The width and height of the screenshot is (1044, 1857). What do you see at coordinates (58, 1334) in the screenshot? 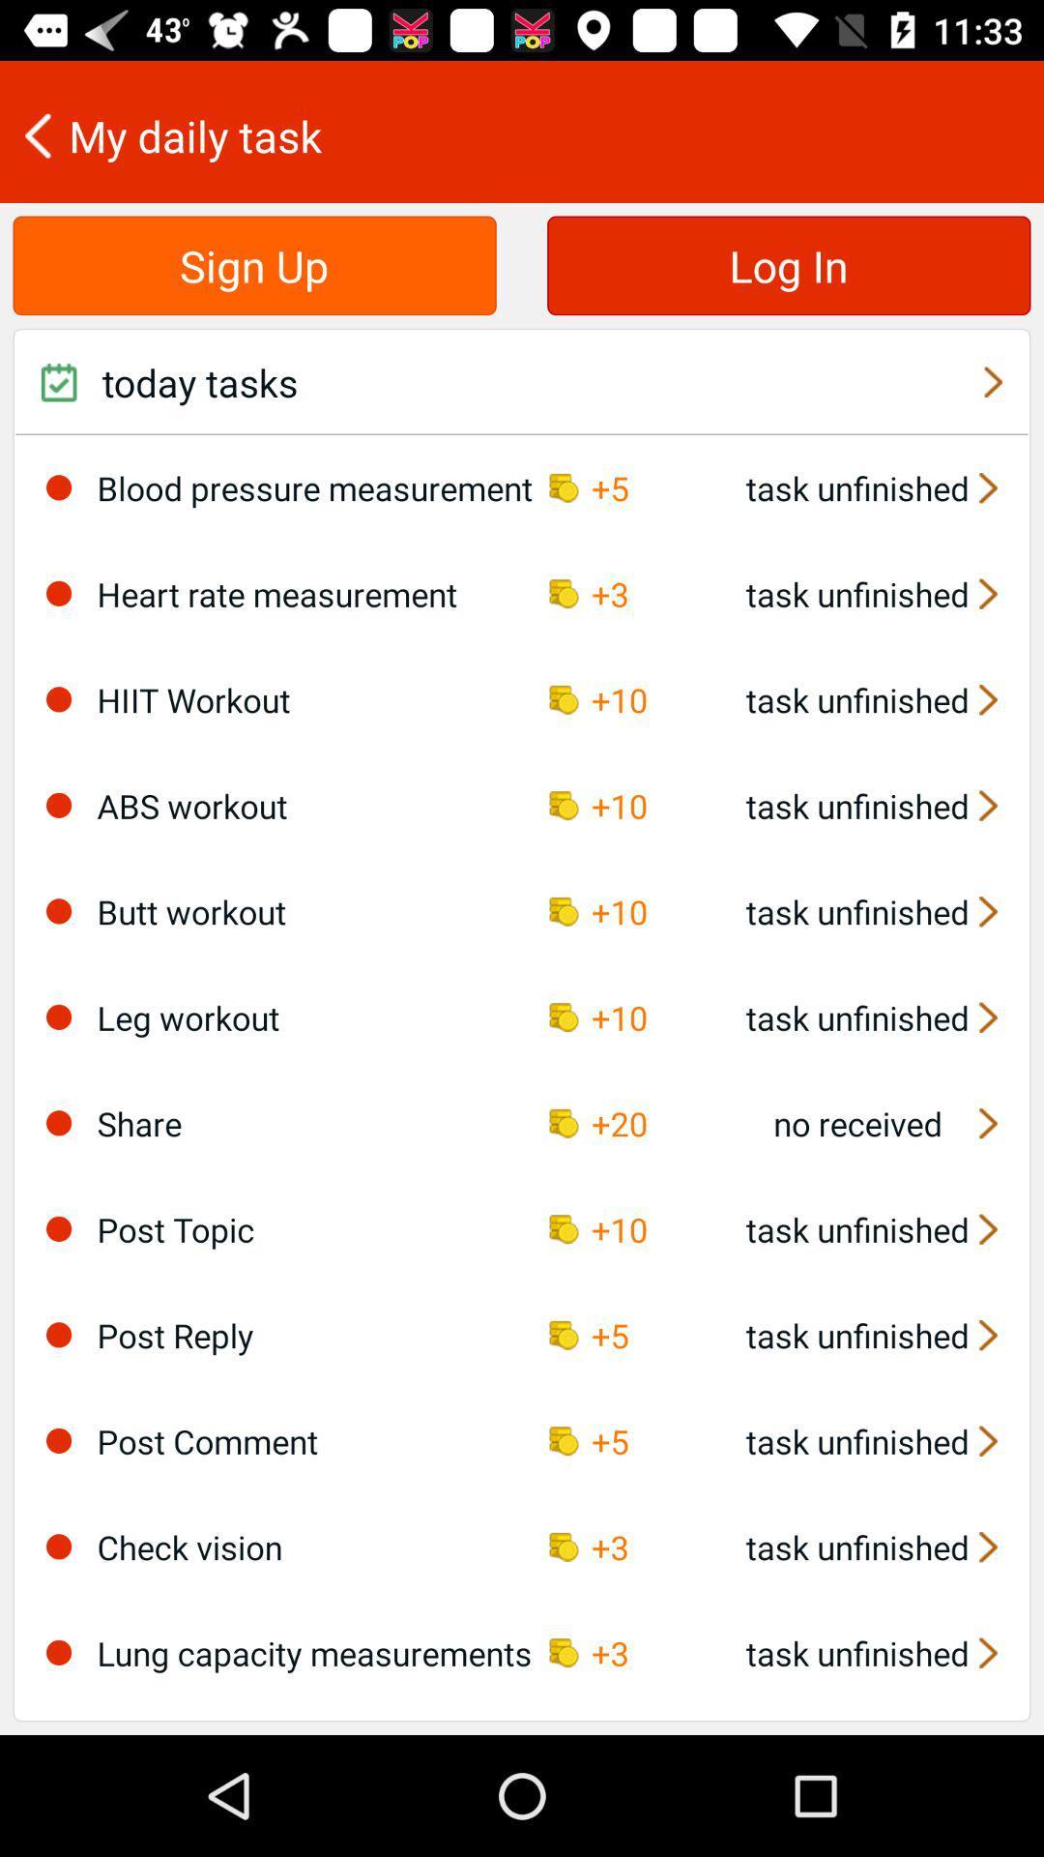
I see `post reply` at bounding box center [58, 1334].